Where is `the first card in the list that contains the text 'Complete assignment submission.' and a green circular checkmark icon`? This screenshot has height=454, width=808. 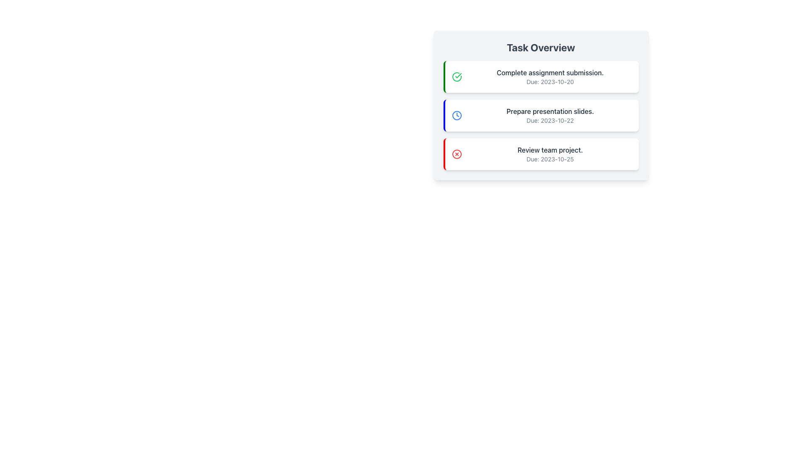
the first card in the list that contains the text 'Complete assignment submission.' and a green circular checkmark icon is located at coordinates (541, 77).